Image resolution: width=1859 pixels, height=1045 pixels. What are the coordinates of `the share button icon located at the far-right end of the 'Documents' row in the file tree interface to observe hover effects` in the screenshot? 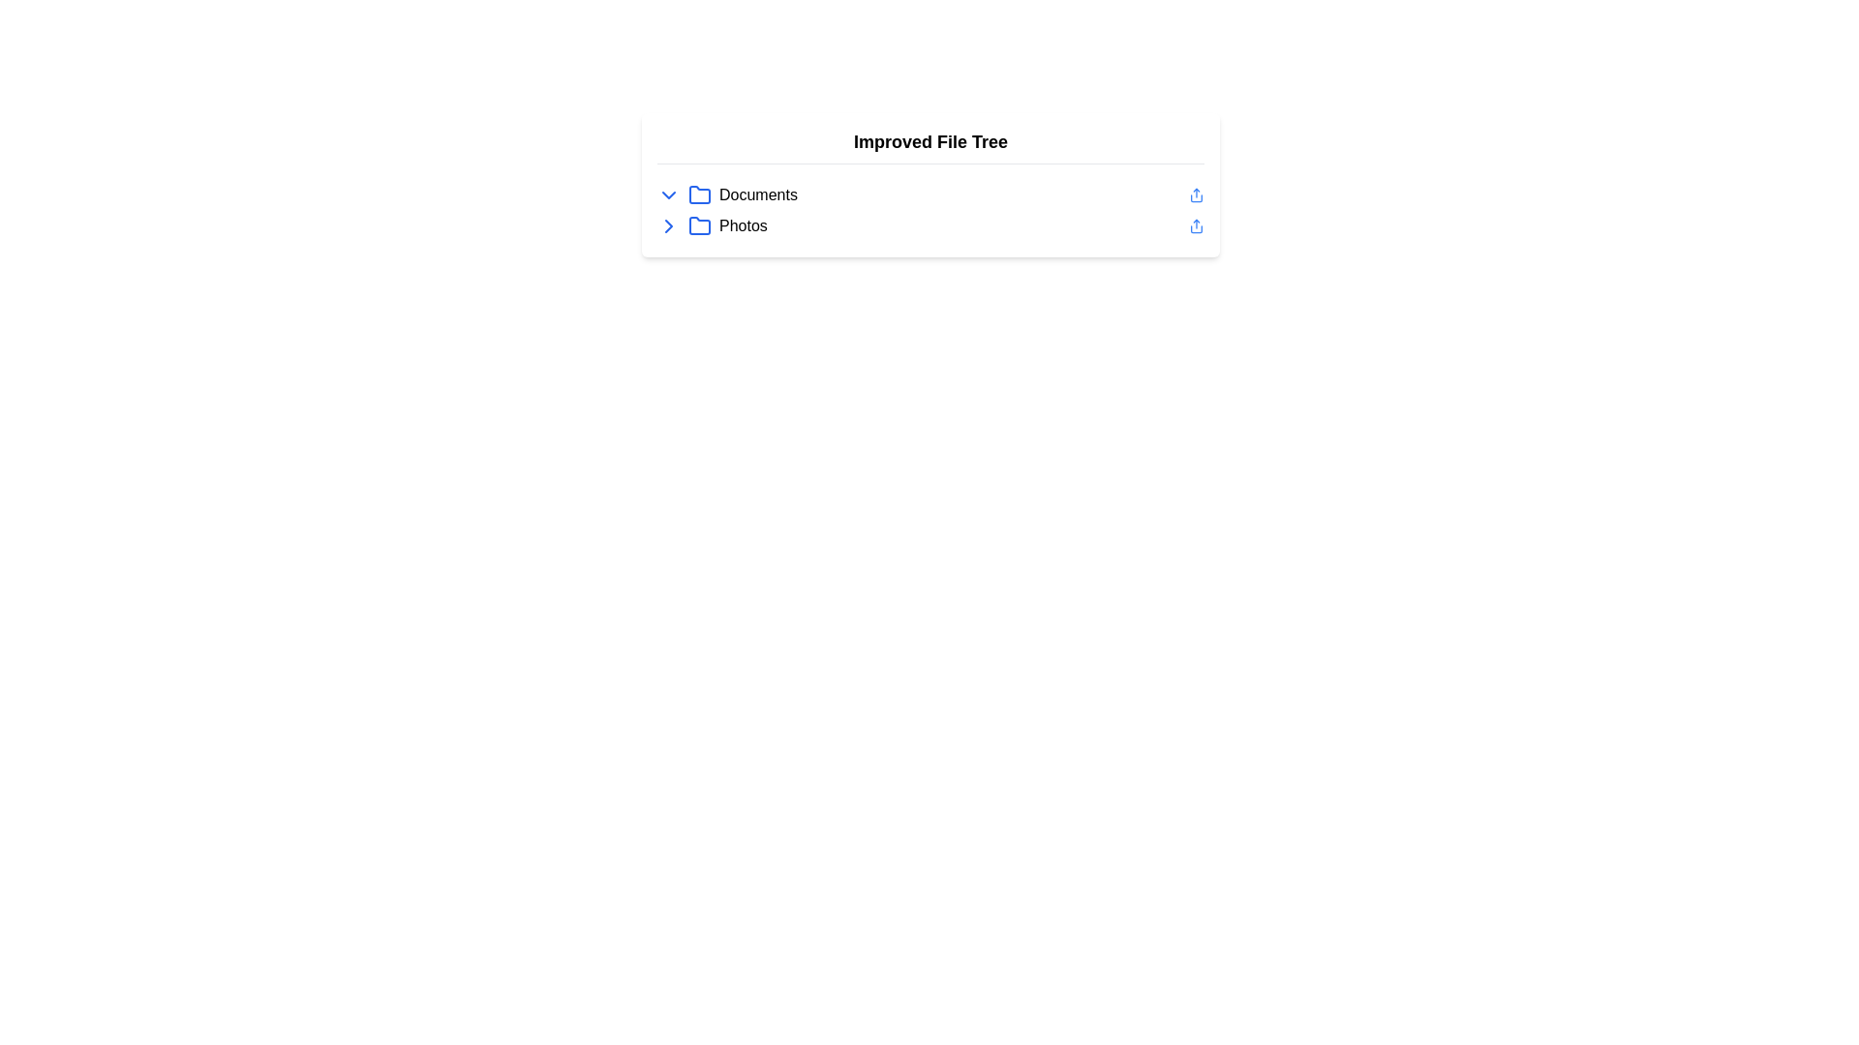 It's located at (1196, 194).